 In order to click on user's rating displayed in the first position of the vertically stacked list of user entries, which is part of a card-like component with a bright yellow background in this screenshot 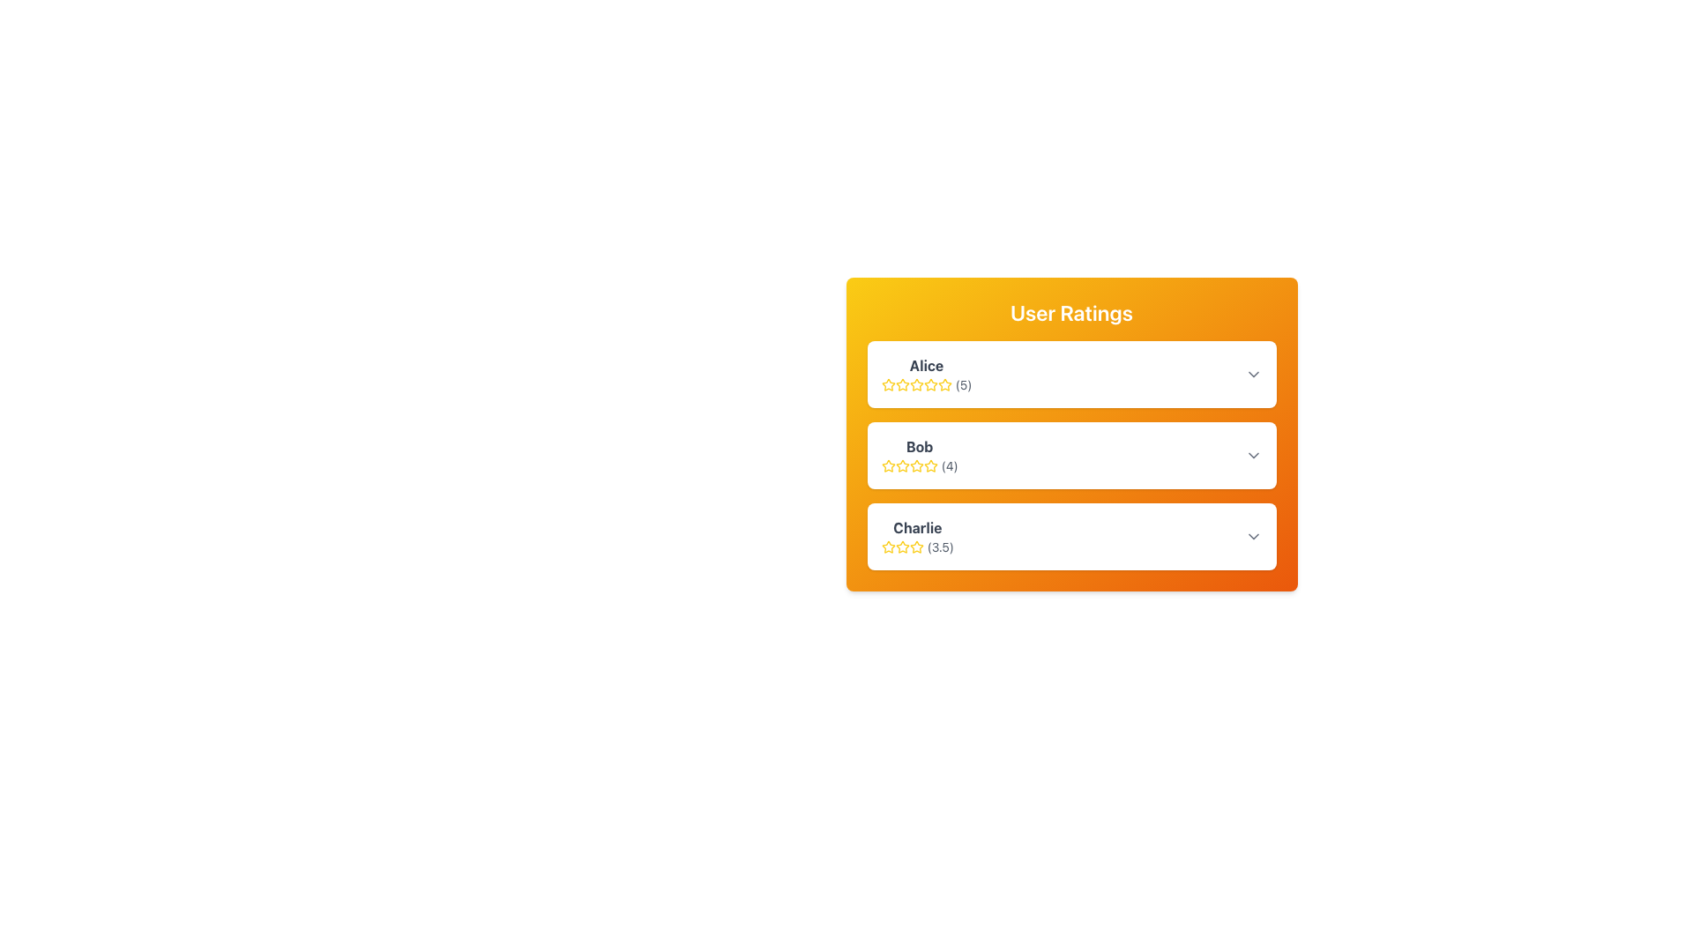, I will do `click(926, 373)`.